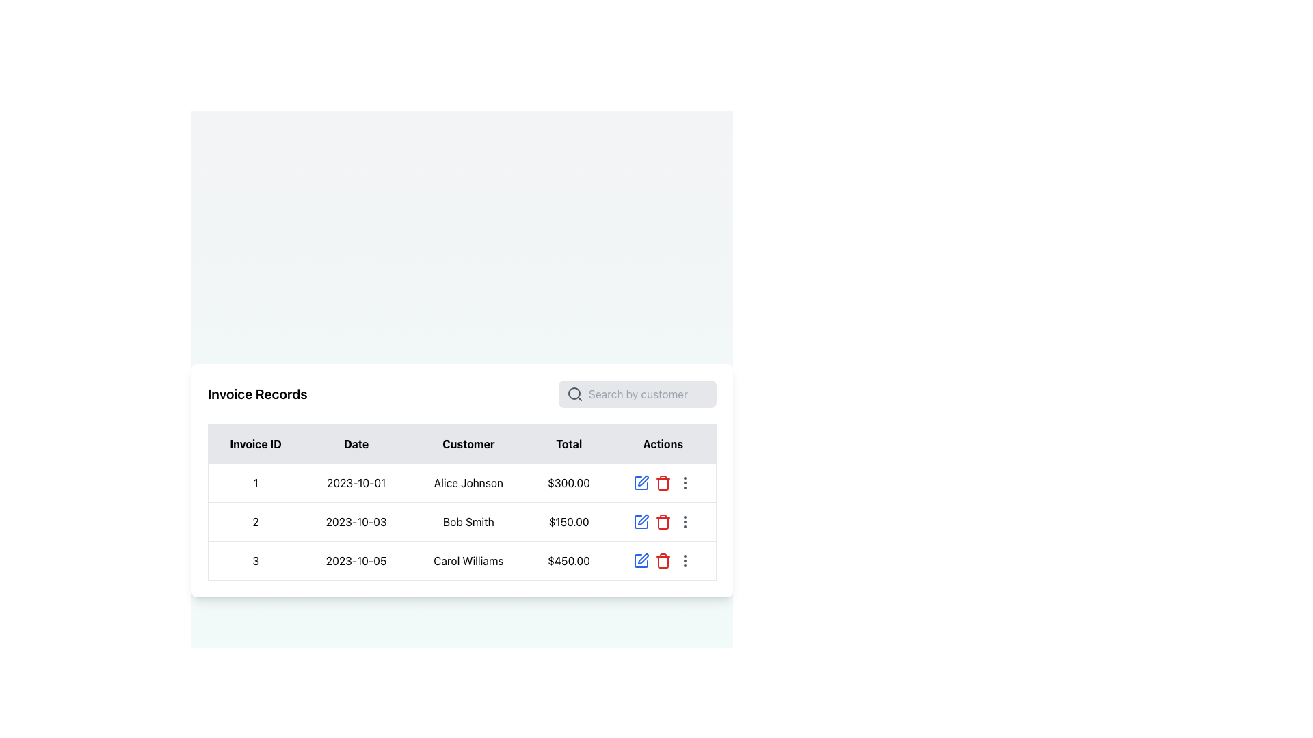  I want to click on the 'Customer' column header label in the table, which is the third label in a horizontal row of headers, so click(468, 443).